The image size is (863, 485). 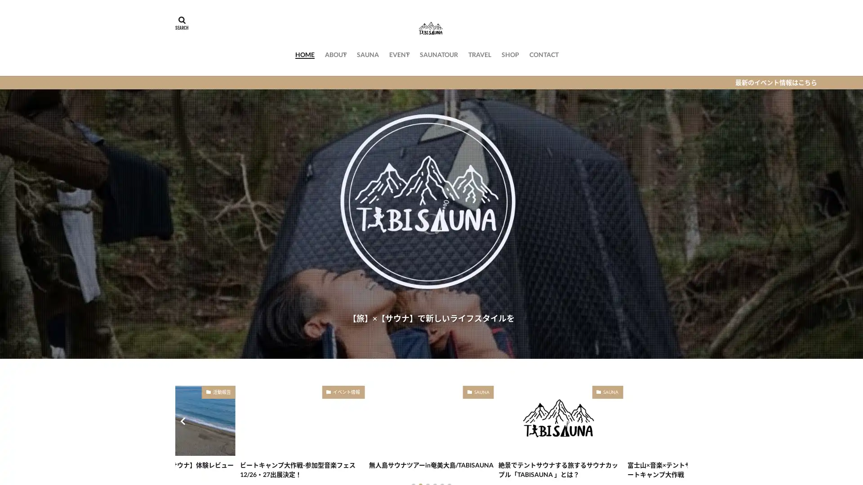 I want to click on Previous slide, so click(x=183, y=421).